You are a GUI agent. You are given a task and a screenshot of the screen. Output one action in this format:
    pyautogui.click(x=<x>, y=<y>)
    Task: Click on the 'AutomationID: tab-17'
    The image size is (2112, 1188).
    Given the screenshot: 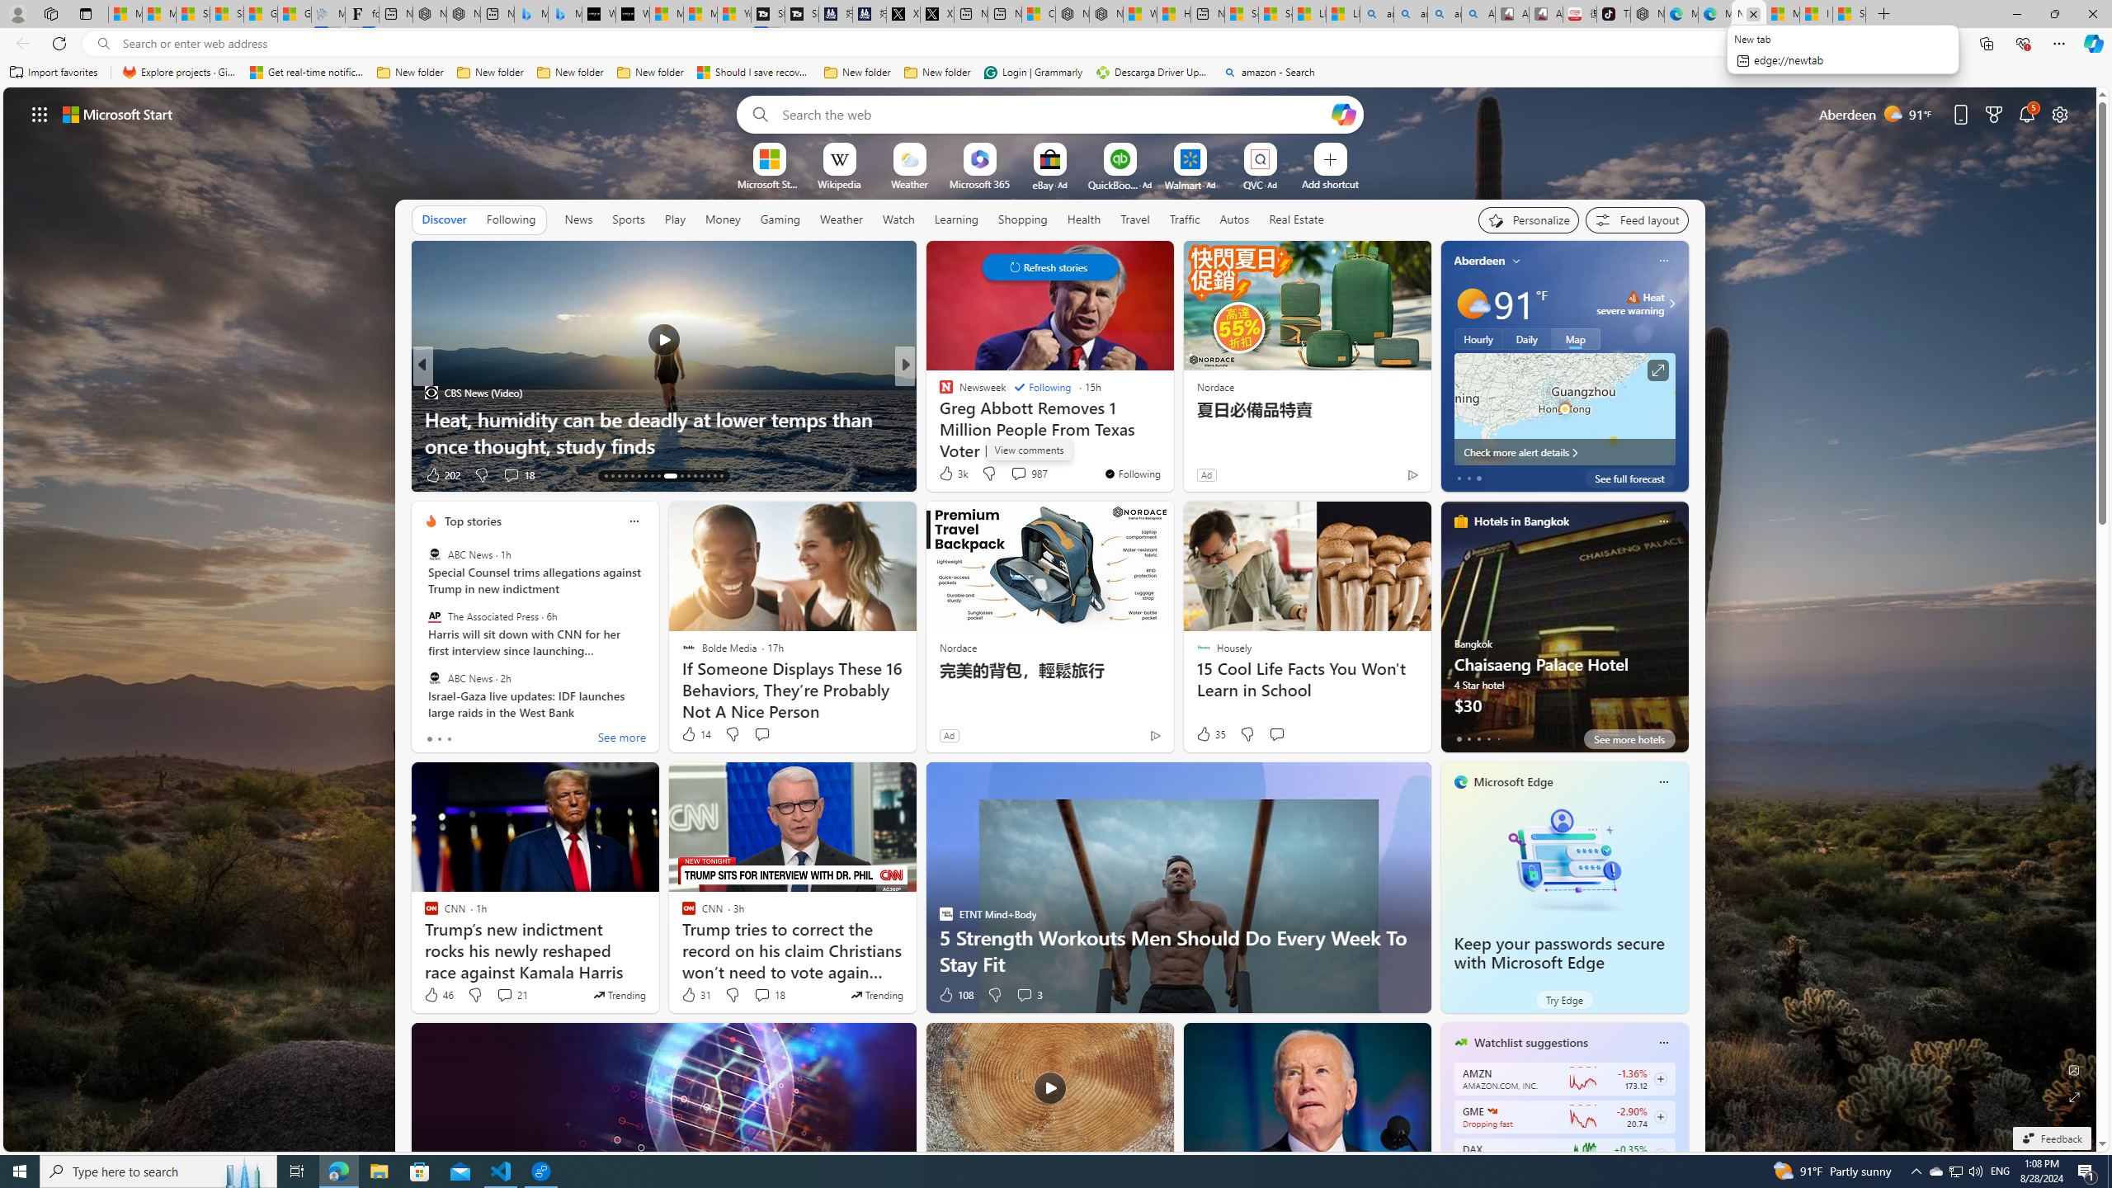 What is the action you would take?
    pyautogui.click(x=632, y=476)
    